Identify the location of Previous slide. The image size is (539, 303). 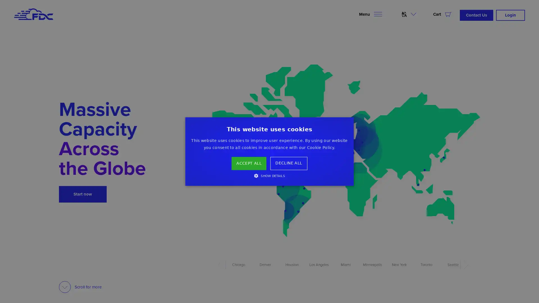
(221, 264).